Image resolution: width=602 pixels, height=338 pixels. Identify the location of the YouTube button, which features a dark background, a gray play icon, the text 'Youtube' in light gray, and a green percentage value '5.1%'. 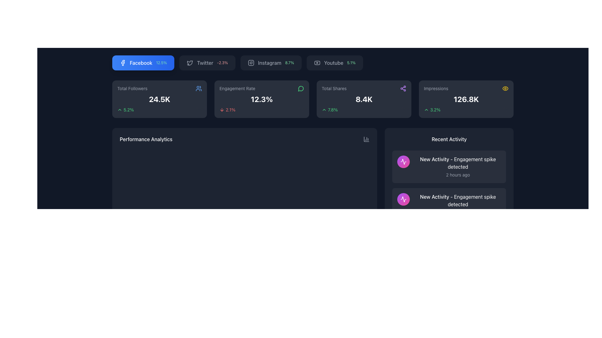
(334, 63).